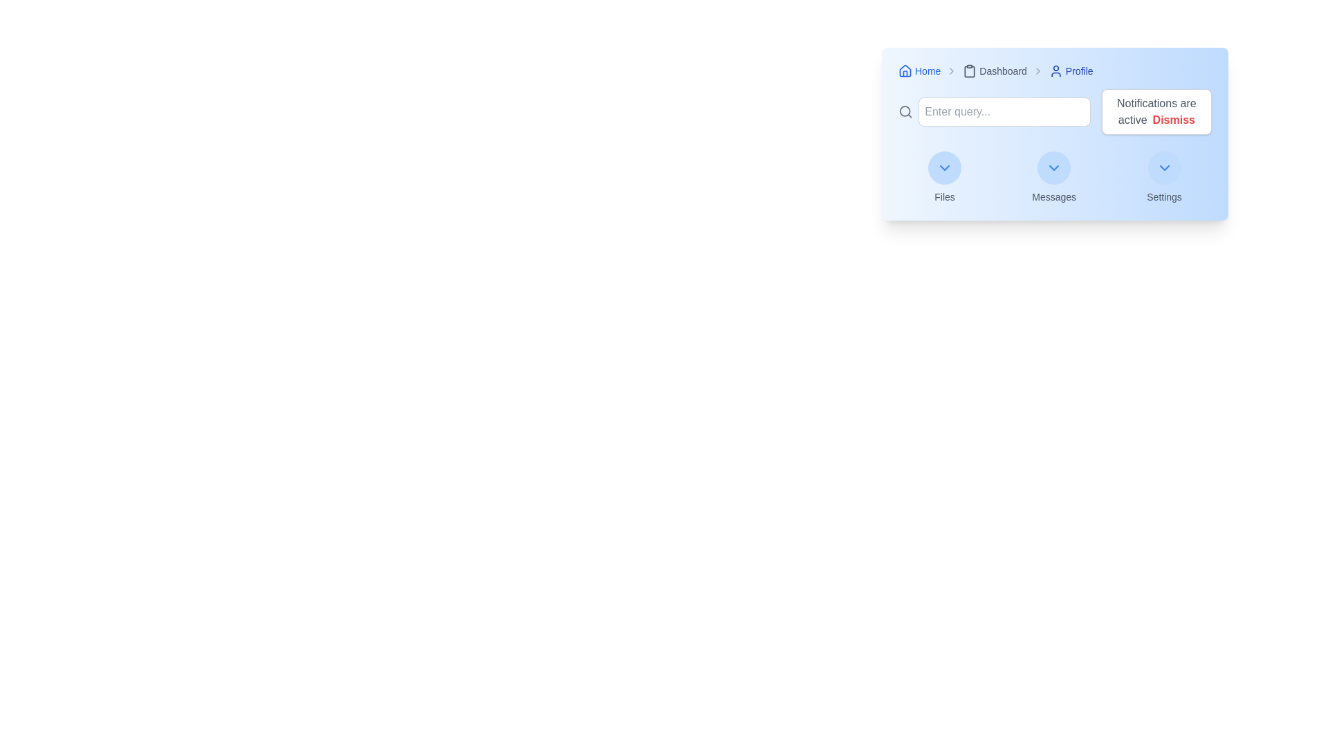  What do you see at coordinates (1163, 167) in the screenshot?
I see `the button located in the 'Settings' section at the bottom-right of the interface` at bounding box center [1163, 167].